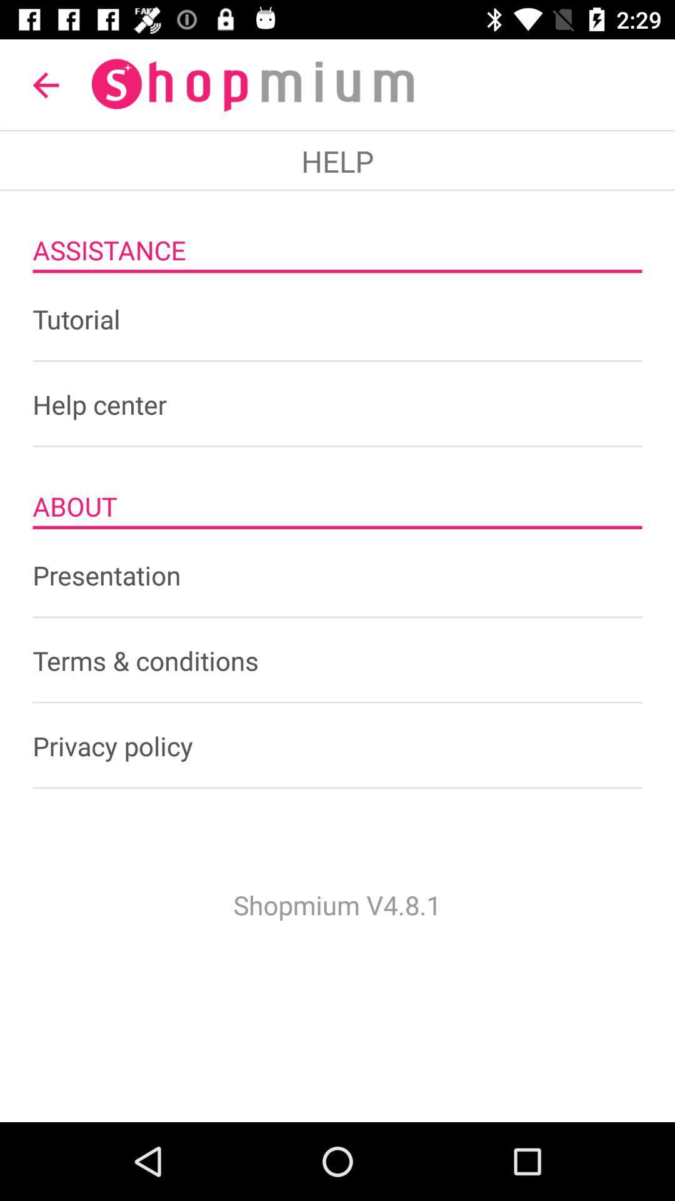  I want to click on icon above the terms & conditions item, so click(337, 574).